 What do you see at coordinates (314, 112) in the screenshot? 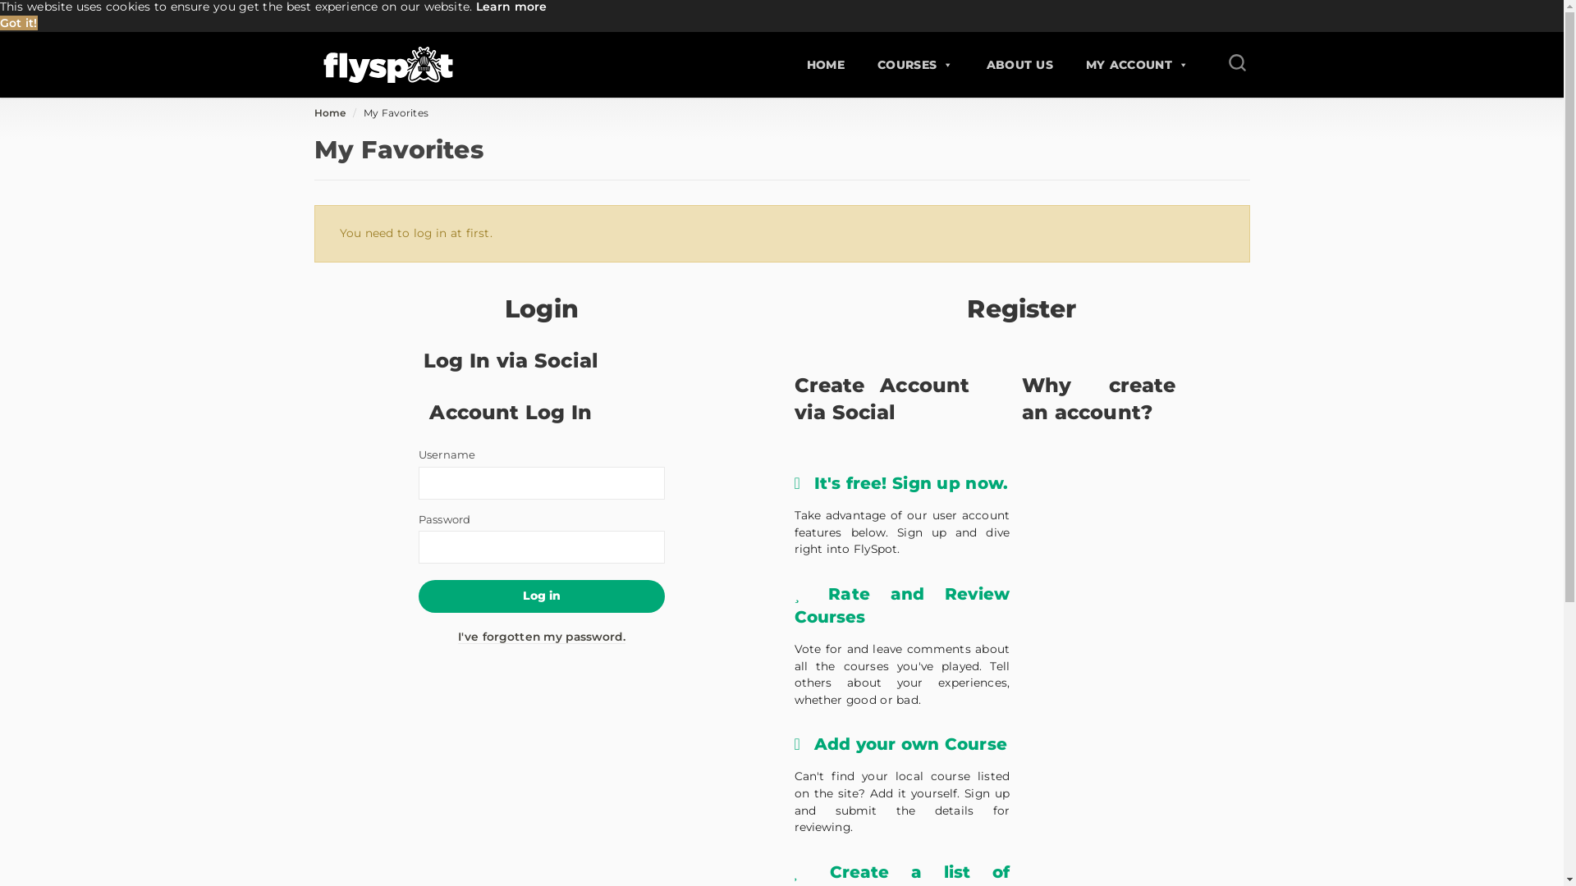
I see `'Home'` at bounding box center [314, 112].